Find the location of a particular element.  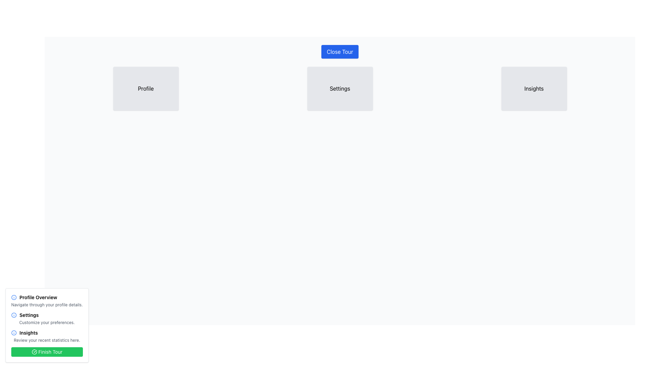

the small circular blue info icon located to the left of the 'Settings' label is located at coordinates (14, 315).